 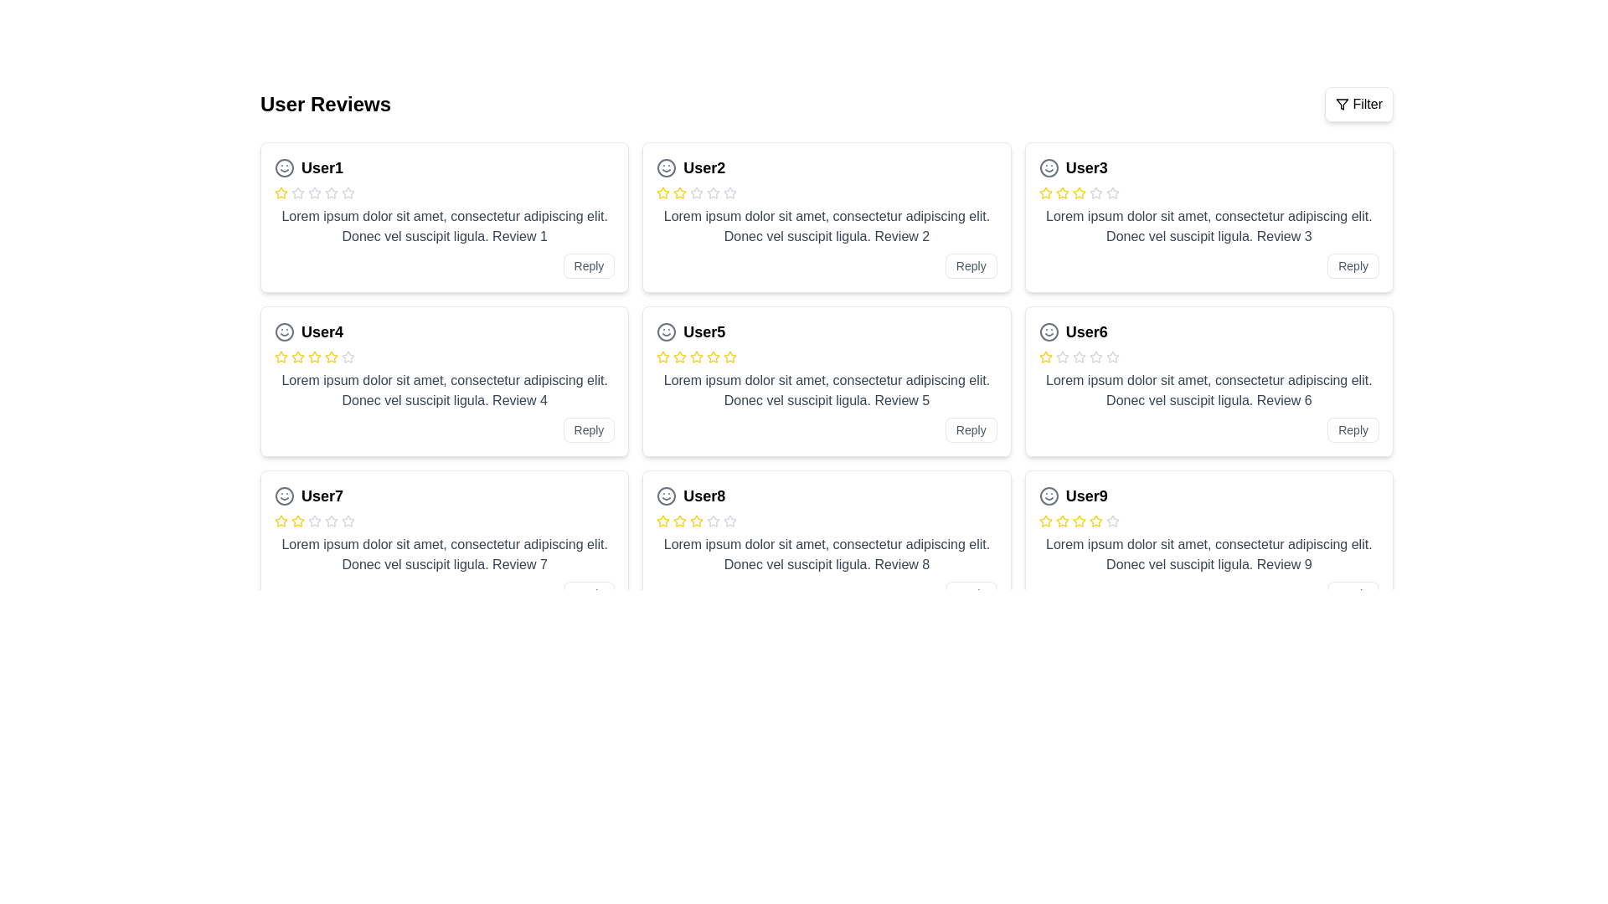 I want to click on the star icons in the Rating display component for 'User7' to change the rating, so click(x=445, y=521).